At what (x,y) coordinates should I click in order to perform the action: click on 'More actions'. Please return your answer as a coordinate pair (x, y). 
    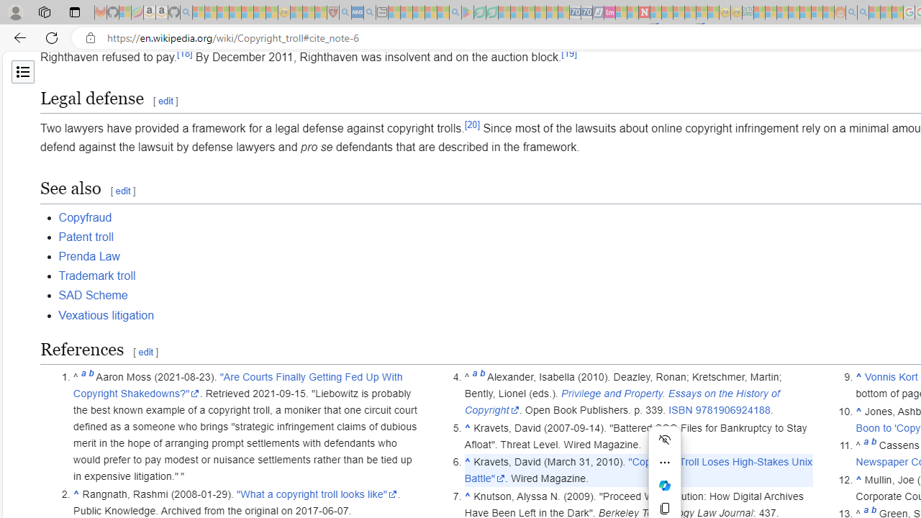
    Looking at the image, I should click on (664, 462).